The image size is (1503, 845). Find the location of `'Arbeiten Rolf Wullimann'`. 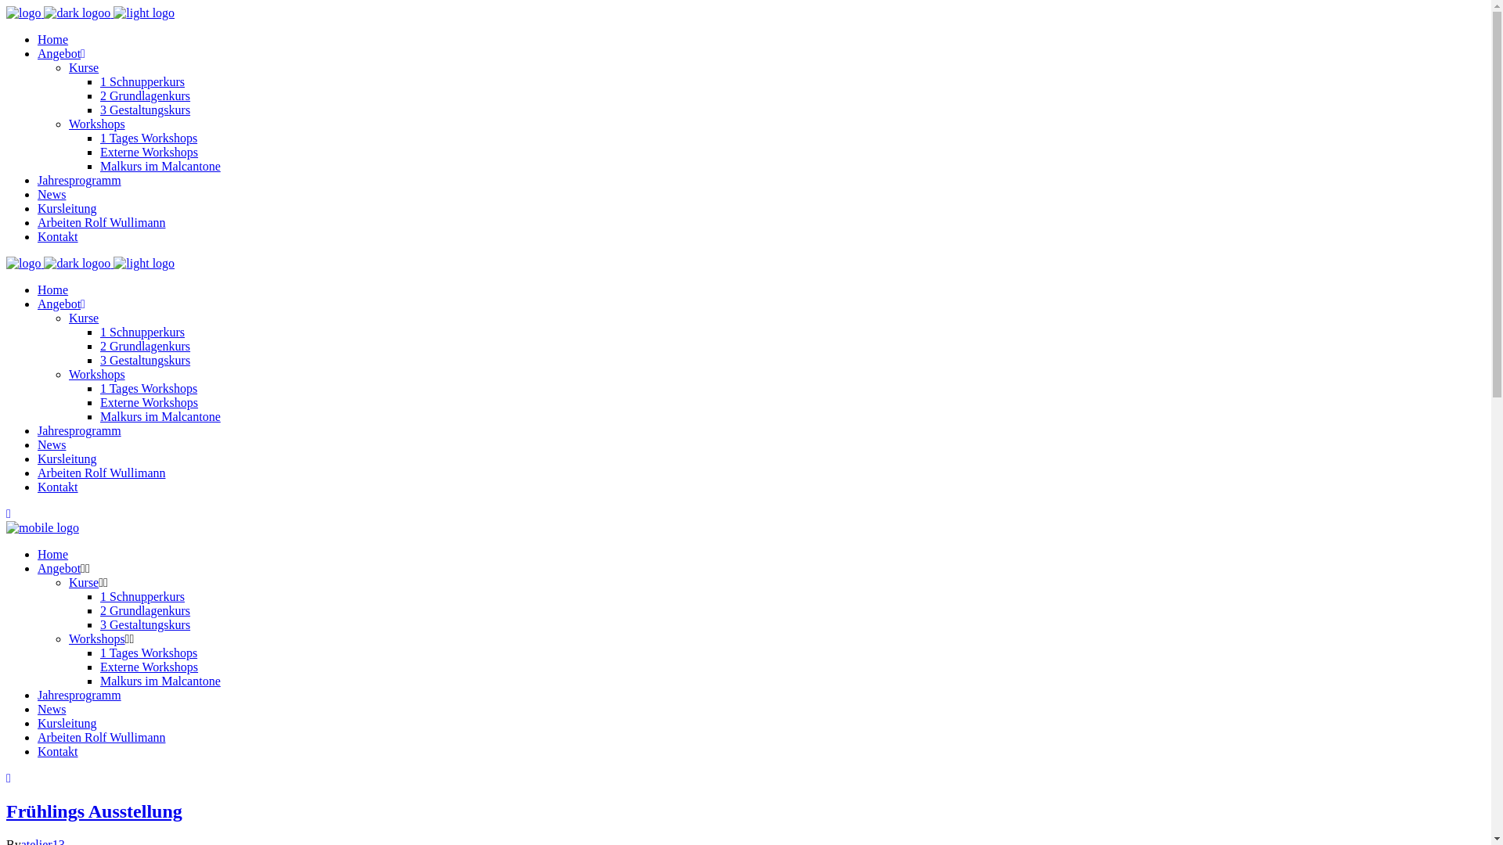

'Arbeiten Rolf Wullimann' is located at coordinates (100, 737).